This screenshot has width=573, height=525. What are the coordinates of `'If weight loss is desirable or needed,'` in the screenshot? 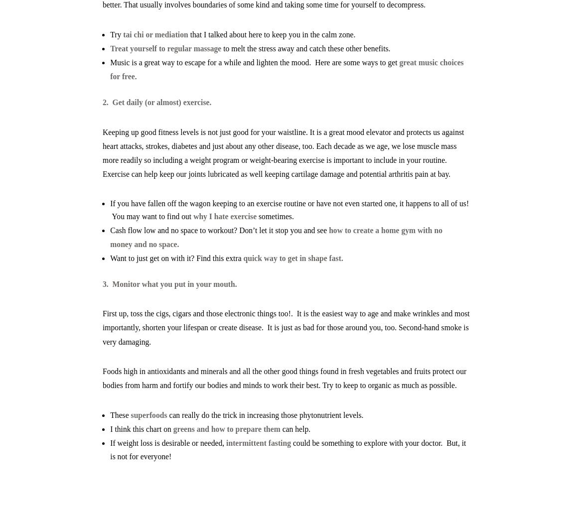 It's located at (168, 443).